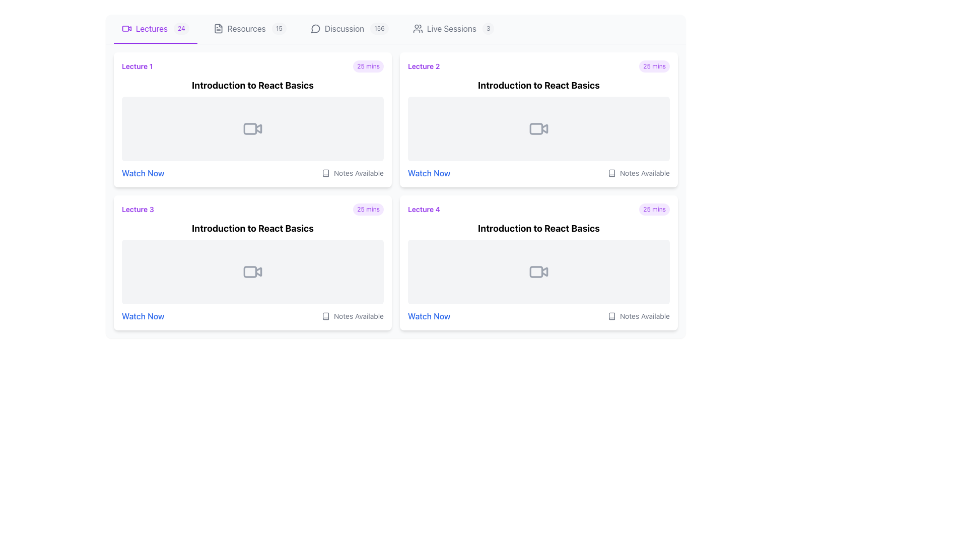 The image size is (967, 544). Describe the element at coordinates (126, 28) in the screenshot. I see `the video camera icon located on the left side of the 'Lectures' tab in the navigation bar, which is styled to appear minimalistic and modern` at that location.